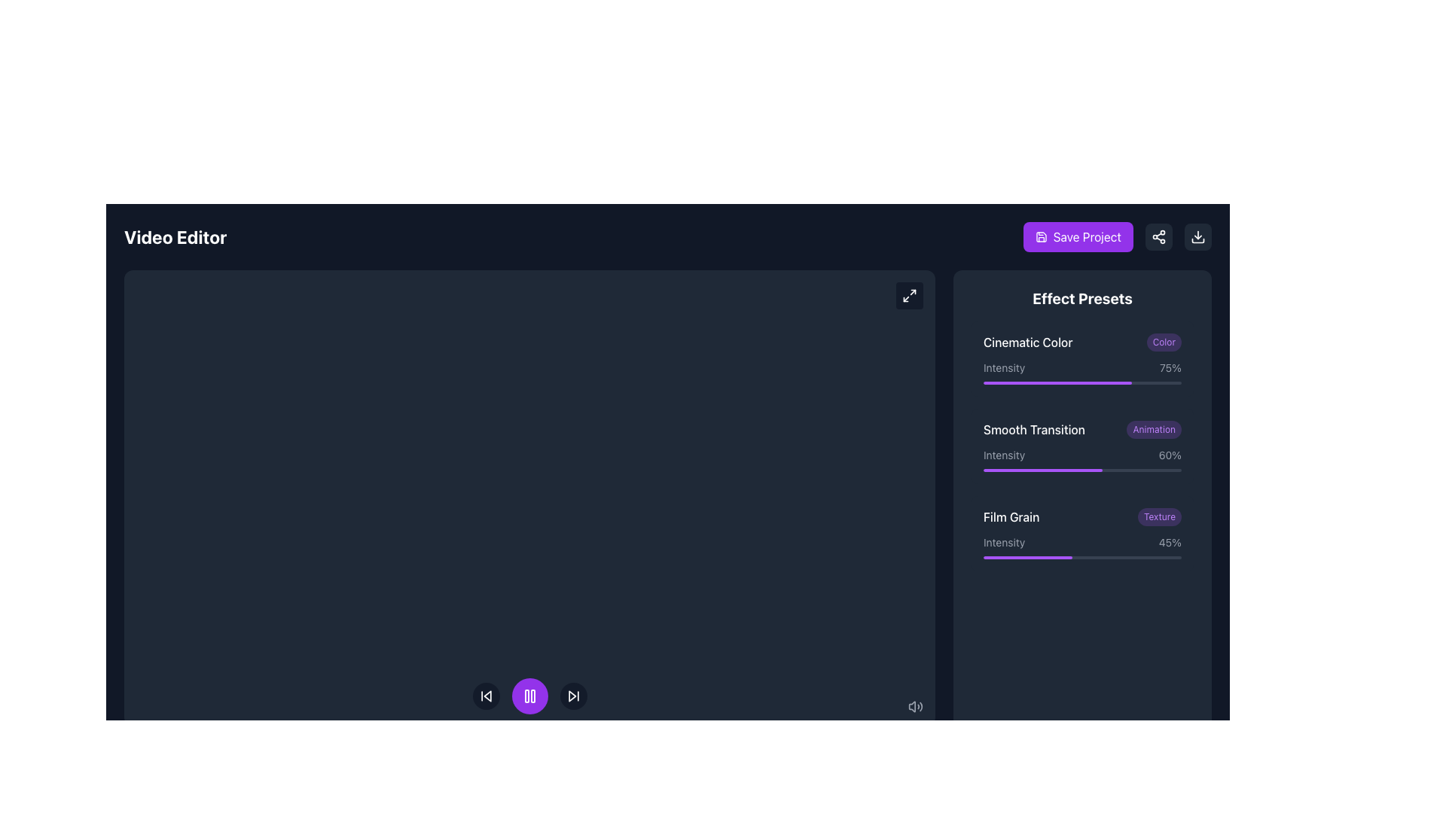 Image resolution: width=1446 pixels, height=813 pixels. I want to click on the right part of the pause symbol in the play/pause button, so click(532, 696).